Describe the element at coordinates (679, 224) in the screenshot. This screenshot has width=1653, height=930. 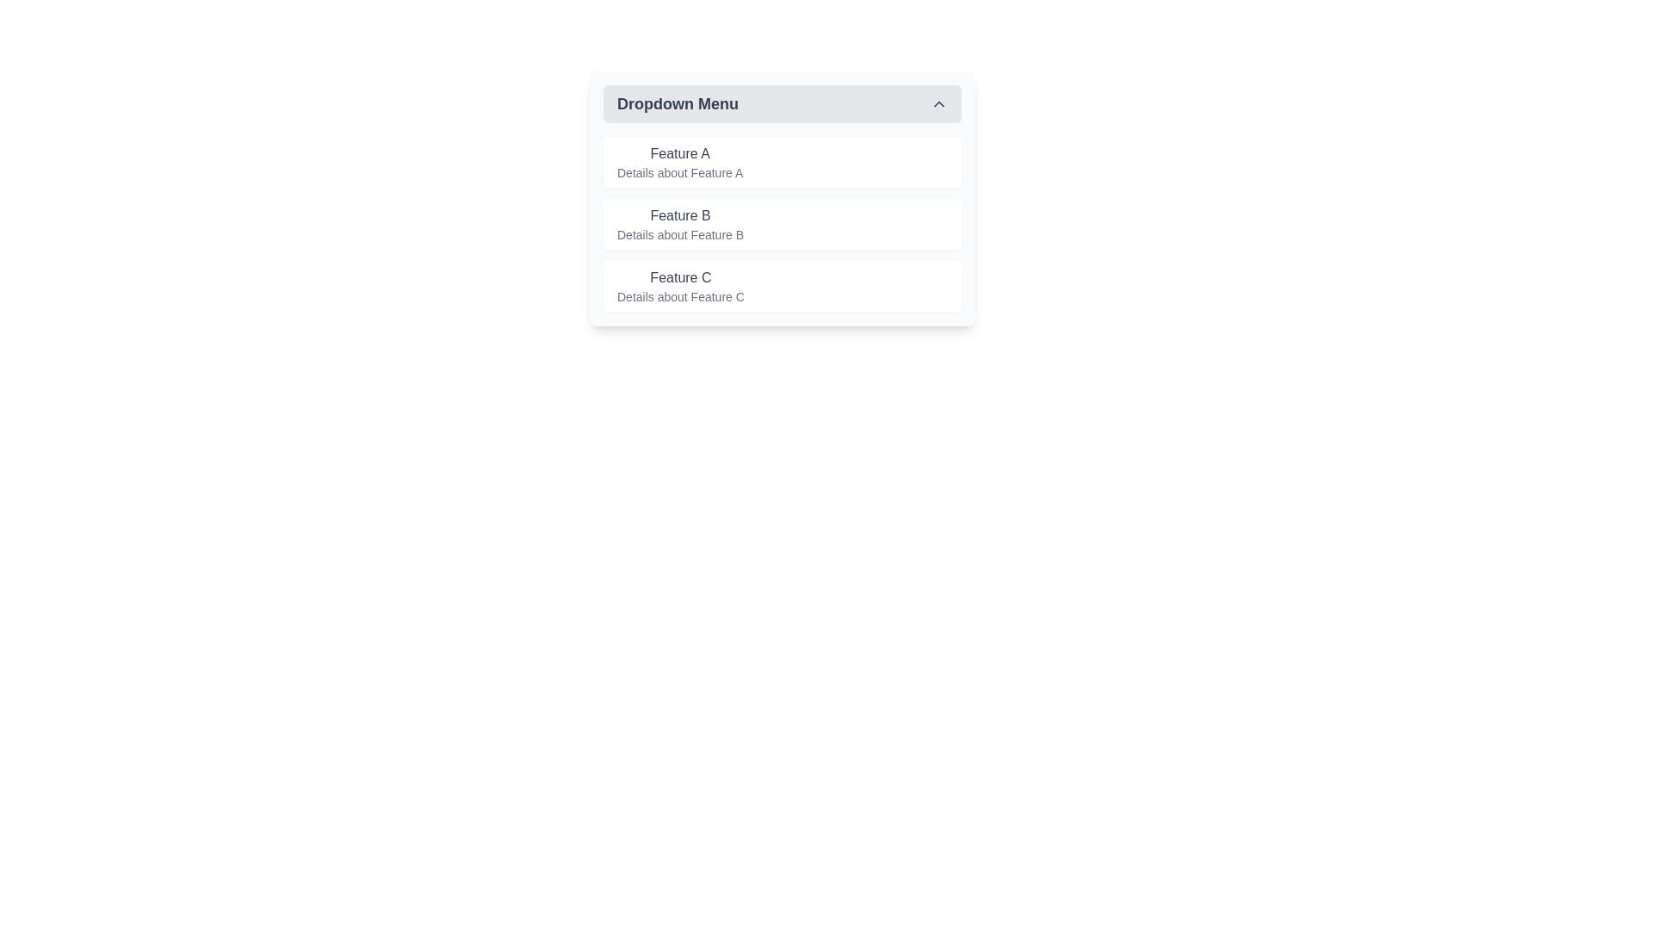
I see `the text label displaying 'Feature B' which includes details about the feature, located in the dropdown menu between 'Feature A' and 'Feature C'` at that location.